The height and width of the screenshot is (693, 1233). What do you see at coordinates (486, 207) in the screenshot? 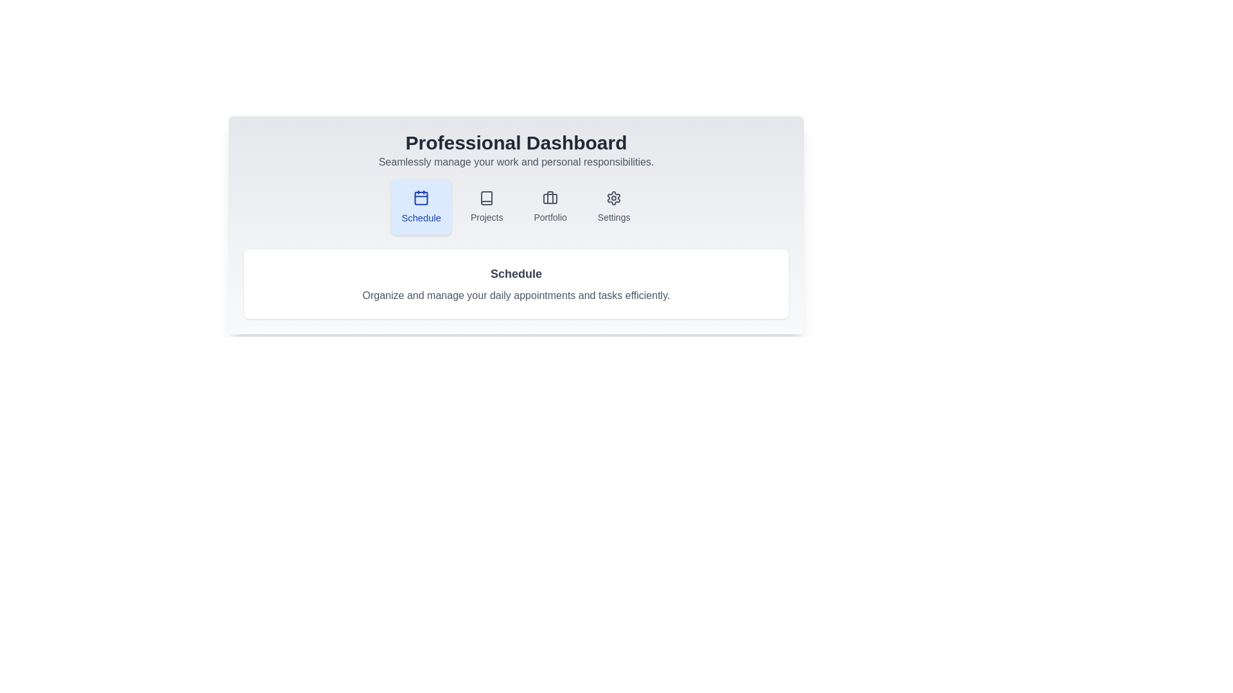
I see `the tab associated with Projects` at bounding box center [486, 207].